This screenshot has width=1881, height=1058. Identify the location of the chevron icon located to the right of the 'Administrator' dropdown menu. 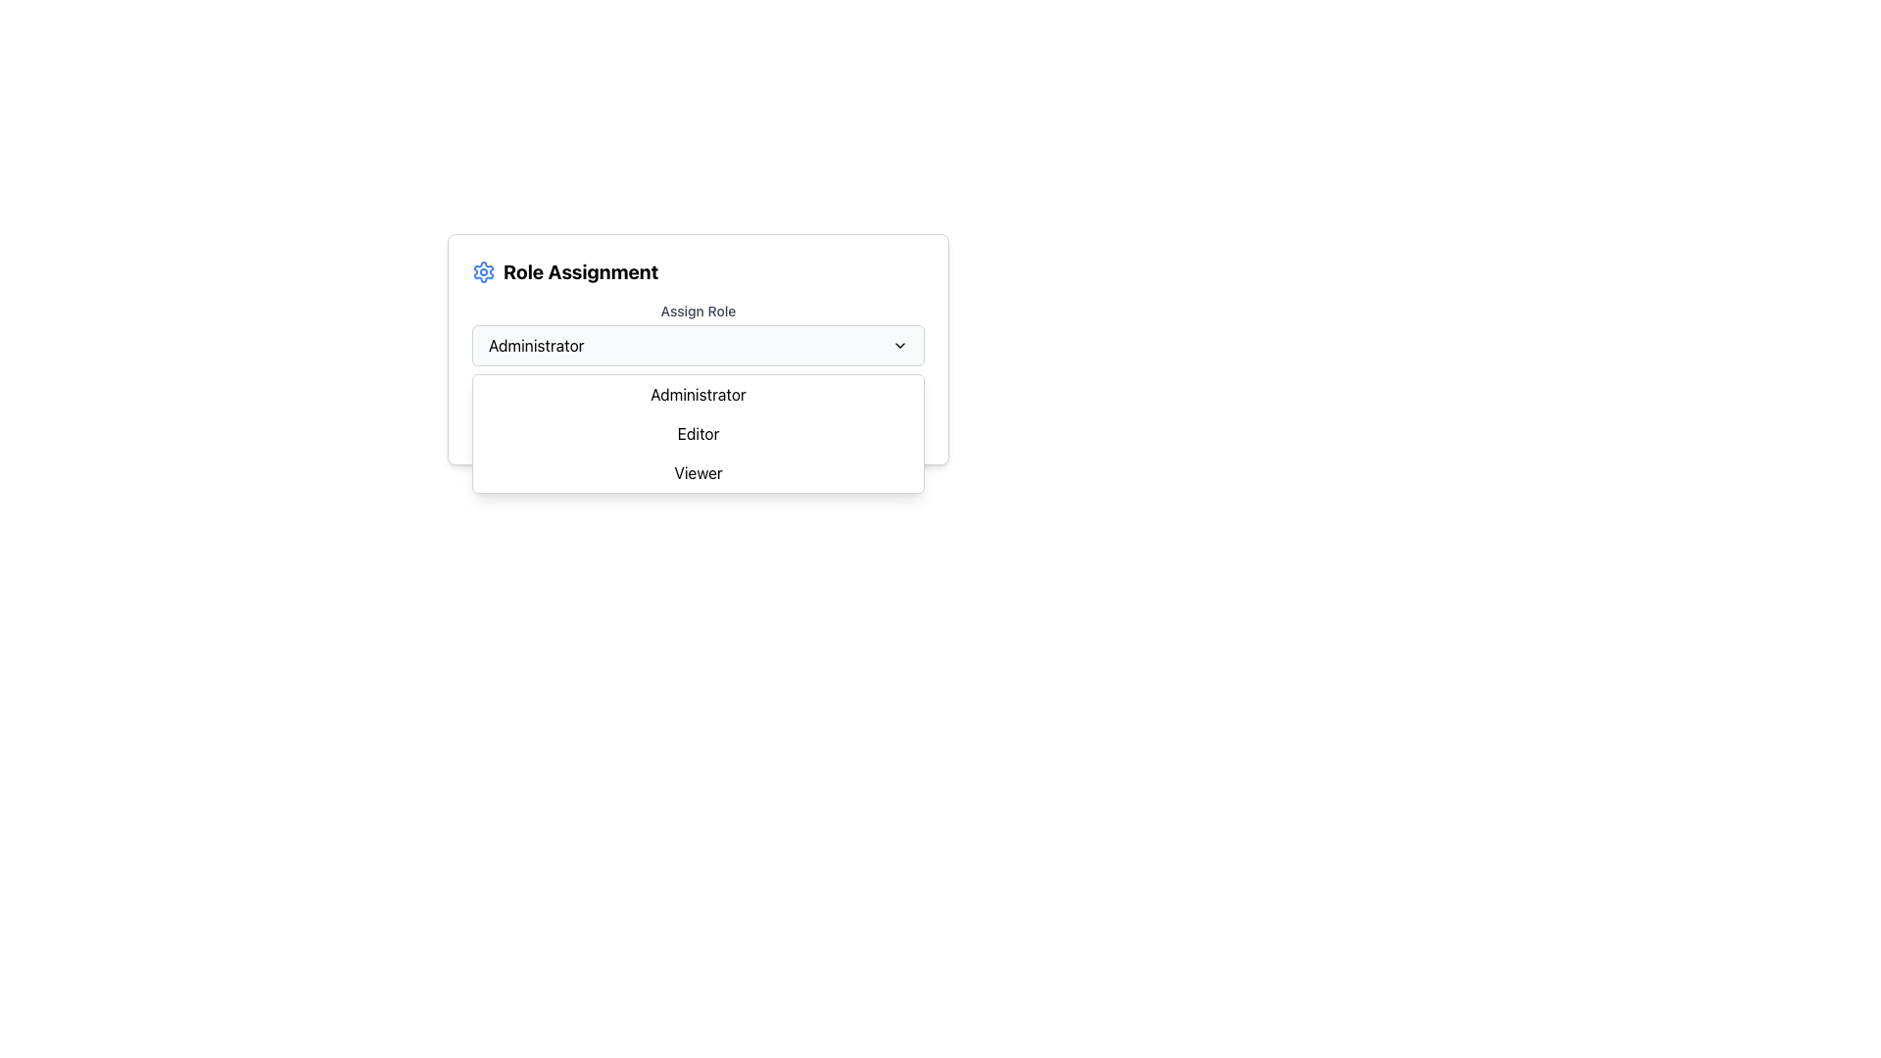
(898, 345).